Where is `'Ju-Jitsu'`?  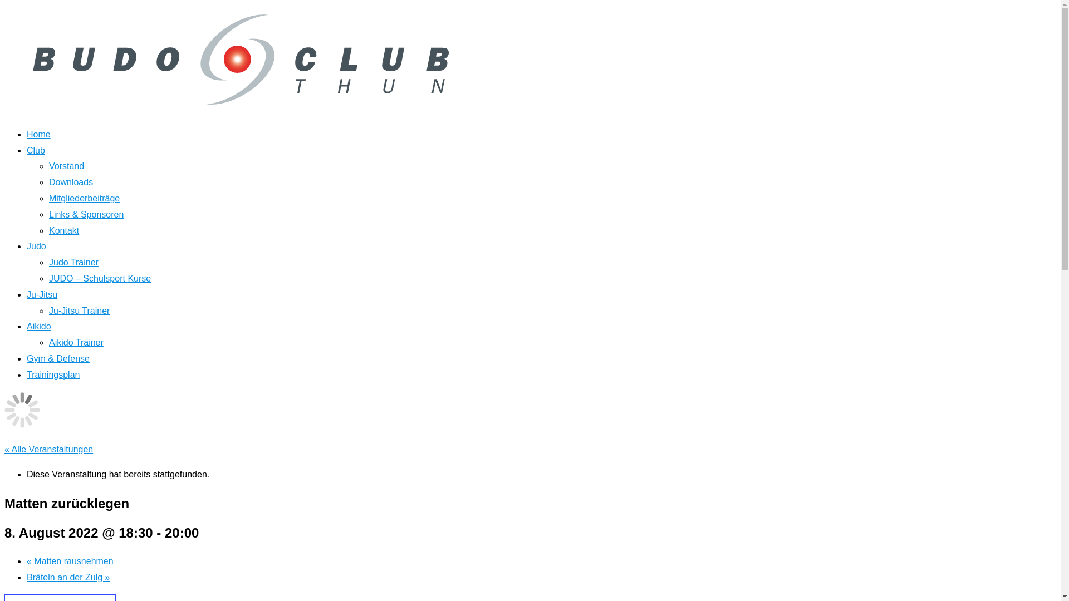 'Ju-Jitsu' is located at coordinates (42, 294).